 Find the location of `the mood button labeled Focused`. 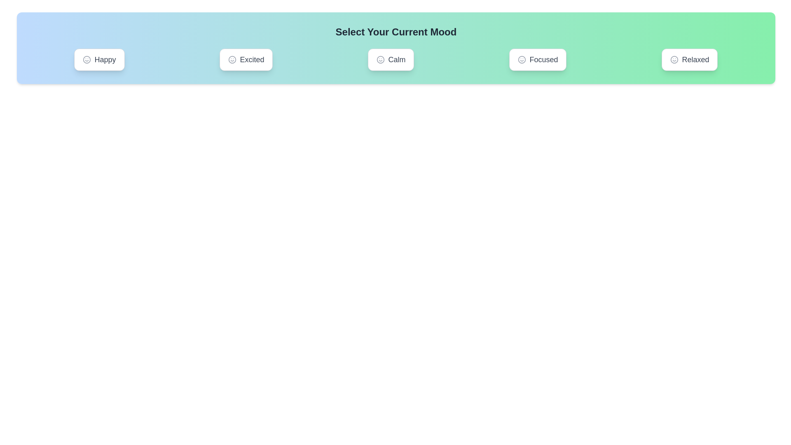

the mood button labeled Focused is located at coordinates (538, 59).